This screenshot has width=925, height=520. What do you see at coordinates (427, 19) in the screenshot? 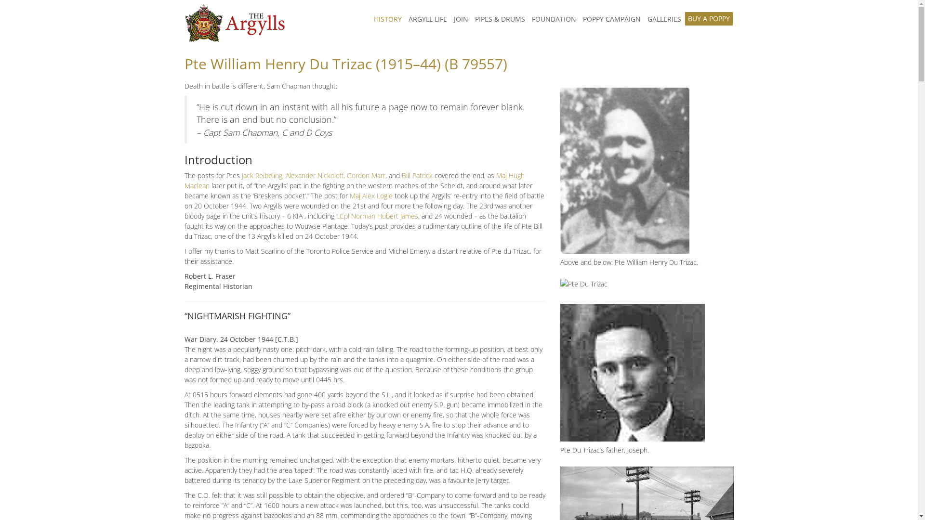
I see `'ARGYLL LIFE'` at bounding box center [427, 19].